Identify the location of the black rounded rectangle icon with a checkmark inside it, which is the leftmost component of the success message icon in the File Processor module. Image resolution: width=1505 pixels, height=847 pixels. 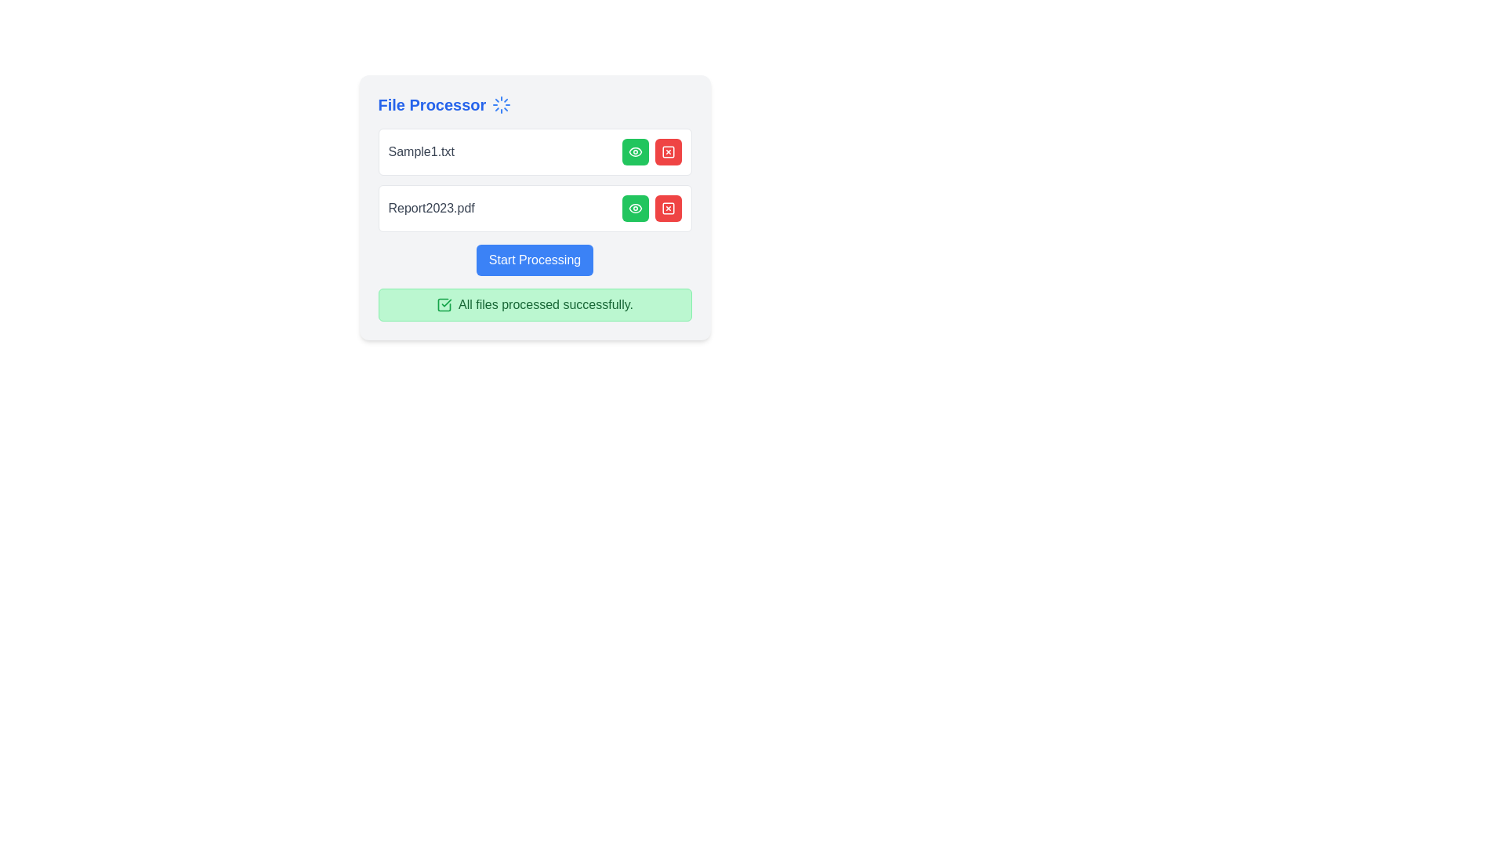
(443, 305).